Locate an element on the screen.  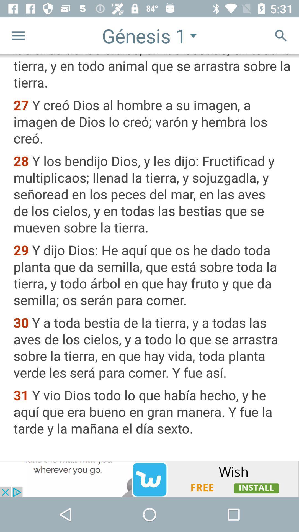
the search icon is located at coordinates (281, 35).